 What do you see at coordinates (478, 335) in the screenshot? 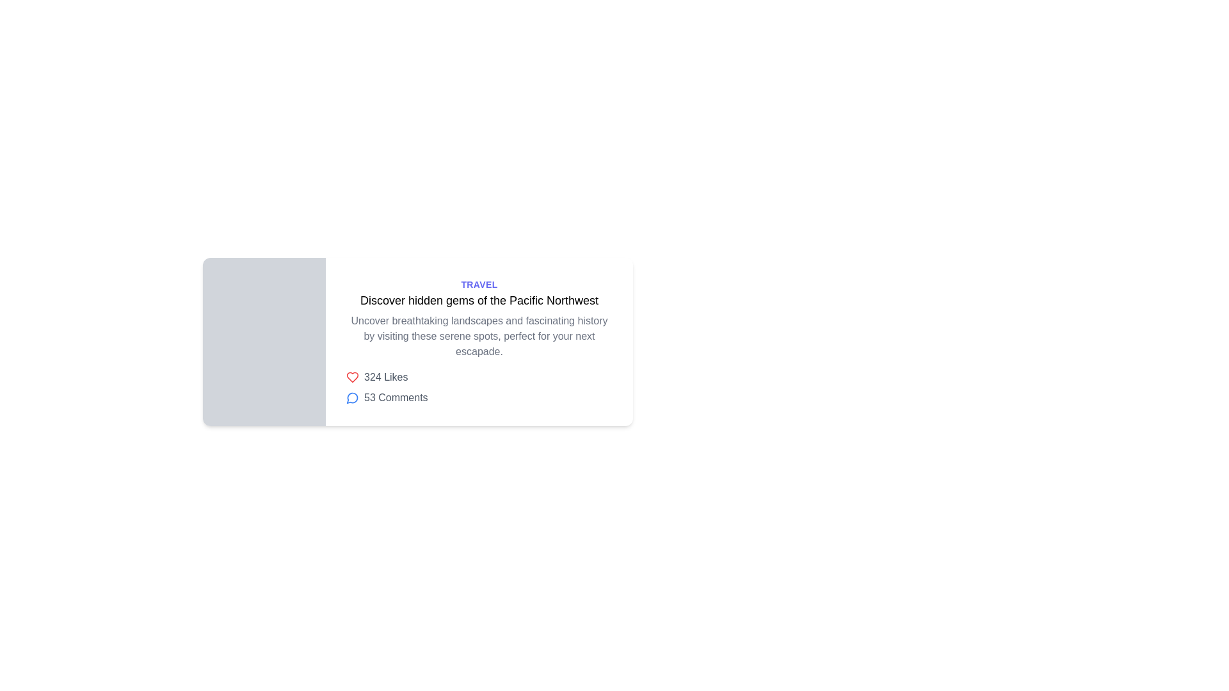
I see `descriptive text block located under the headline 'Discover hidden gems of the Pacific Northwest' and above the '324 Likes' section in the card layout` at bounding box center [478, 335].